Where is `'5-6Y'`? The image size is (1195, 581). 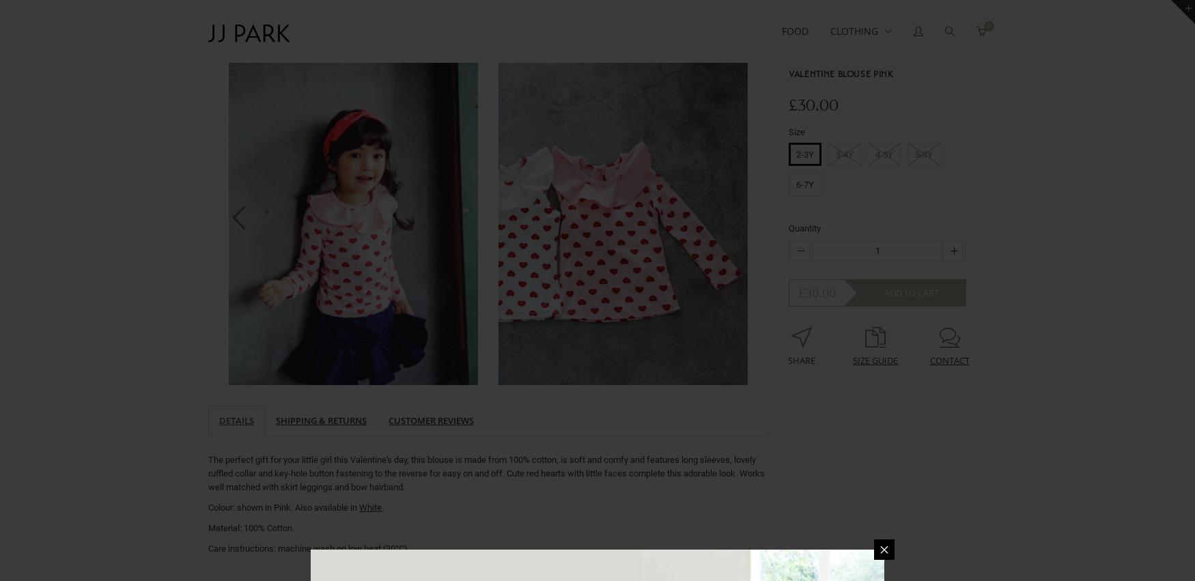 '5-6Y' is located at coordinates (923, 154).